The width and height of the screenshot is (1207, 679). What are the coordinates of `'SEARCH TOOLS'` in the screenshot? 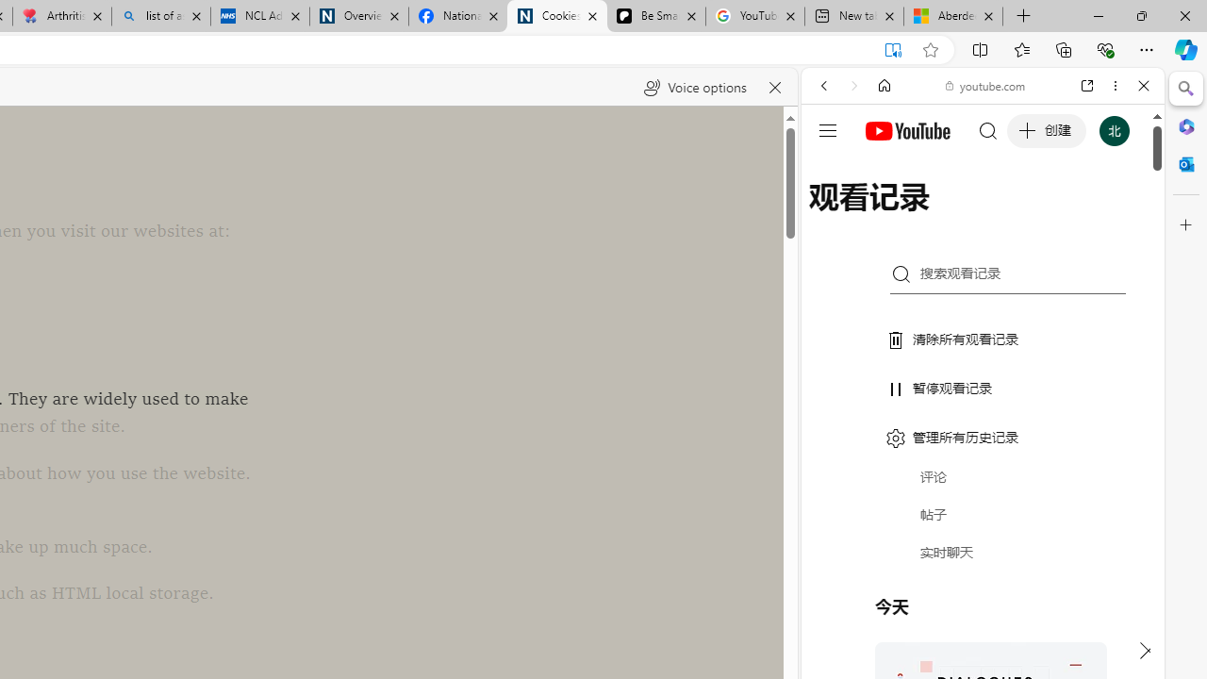 It's located at (1030, 214).